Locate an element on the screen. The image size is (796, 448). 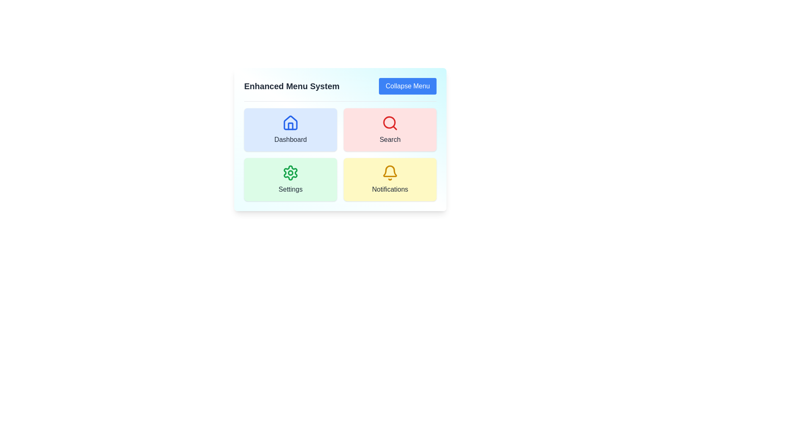
the navigation button located at the top-left of the grid layout to observe the tooltip or styling change is located at coordinates (290, 129).